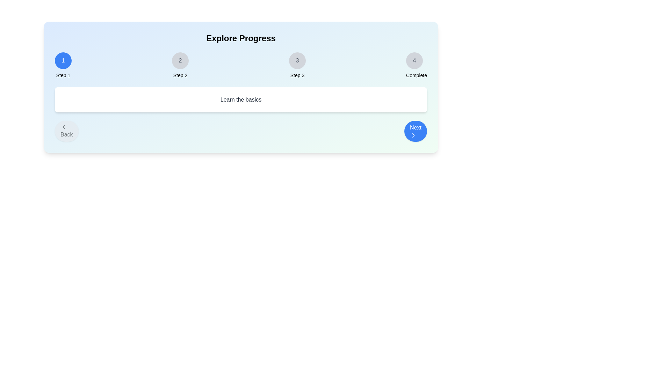 This screenshot has width=671, height=377. Describe the element at coordinates (297, 60) in the screenshot. I see `the step indicator for Step 3 to navigate to that step` at that location.